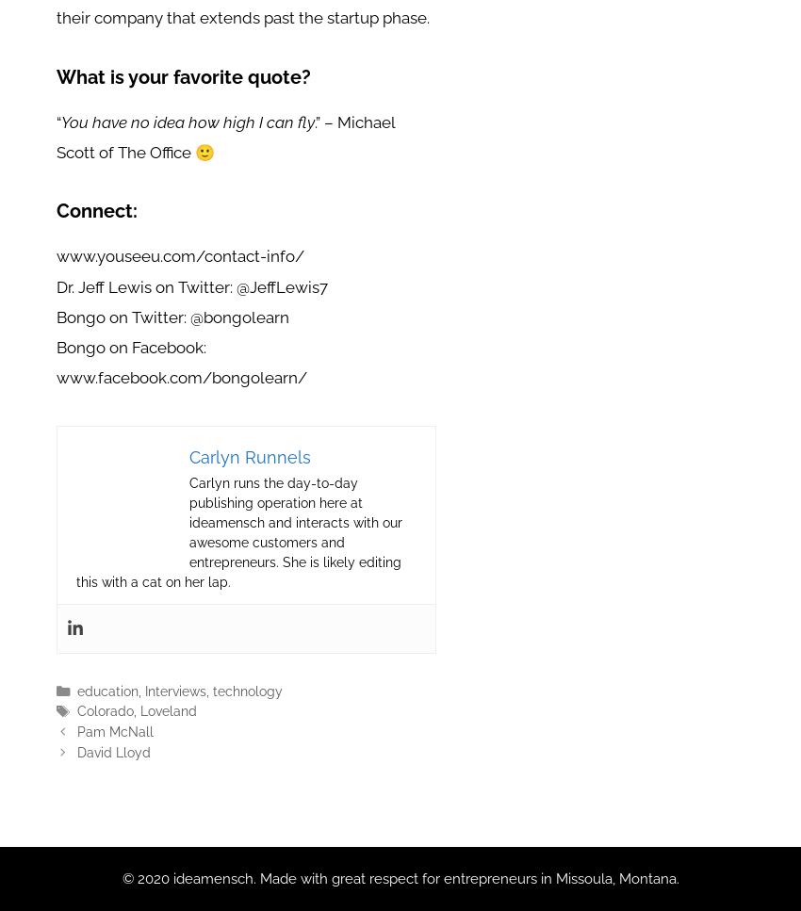  I want to click on 'What is your favorite quote?', so click(182, 76).